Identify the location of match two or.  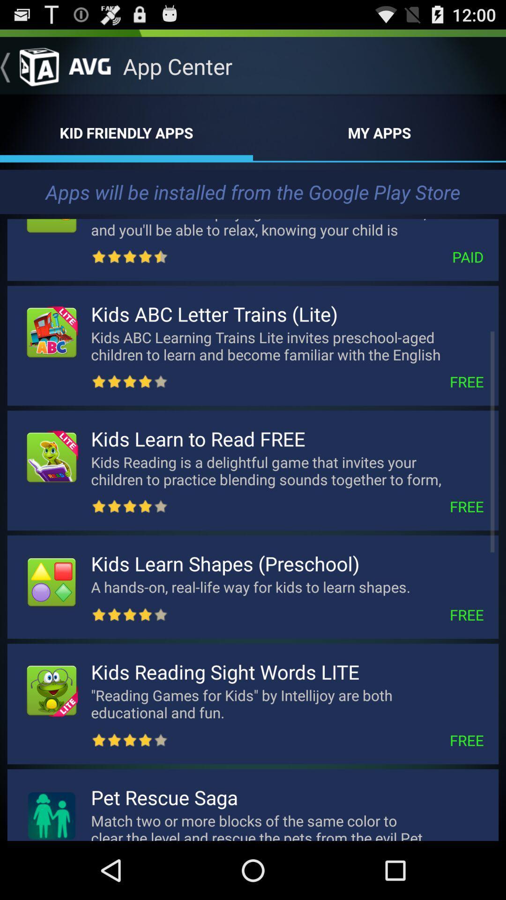
(287, 825).